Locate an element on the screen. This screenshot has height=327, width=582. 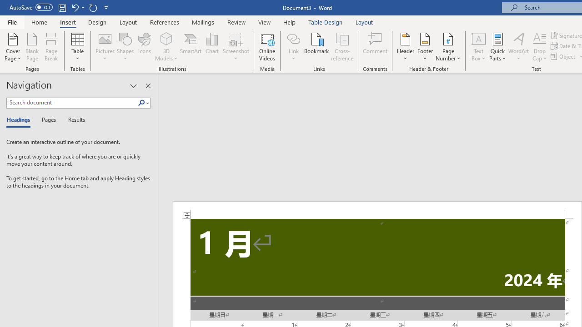
'Class: NetUIImage' is located at coordinates (141, 102).